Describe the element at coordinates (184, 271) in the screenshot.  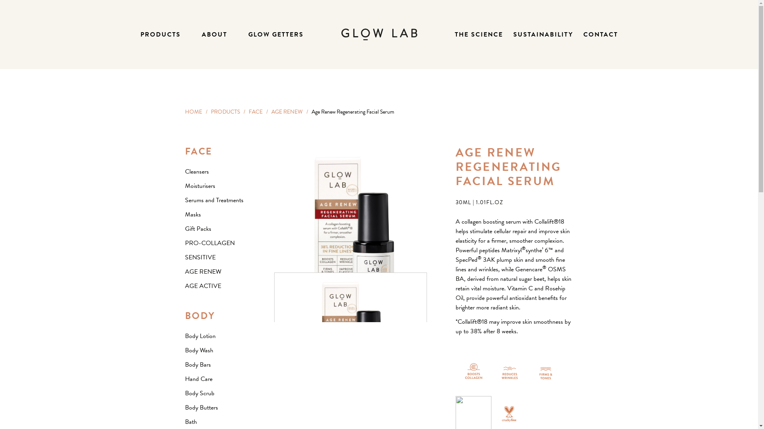
I see `'AGE RENEW'` at that location.